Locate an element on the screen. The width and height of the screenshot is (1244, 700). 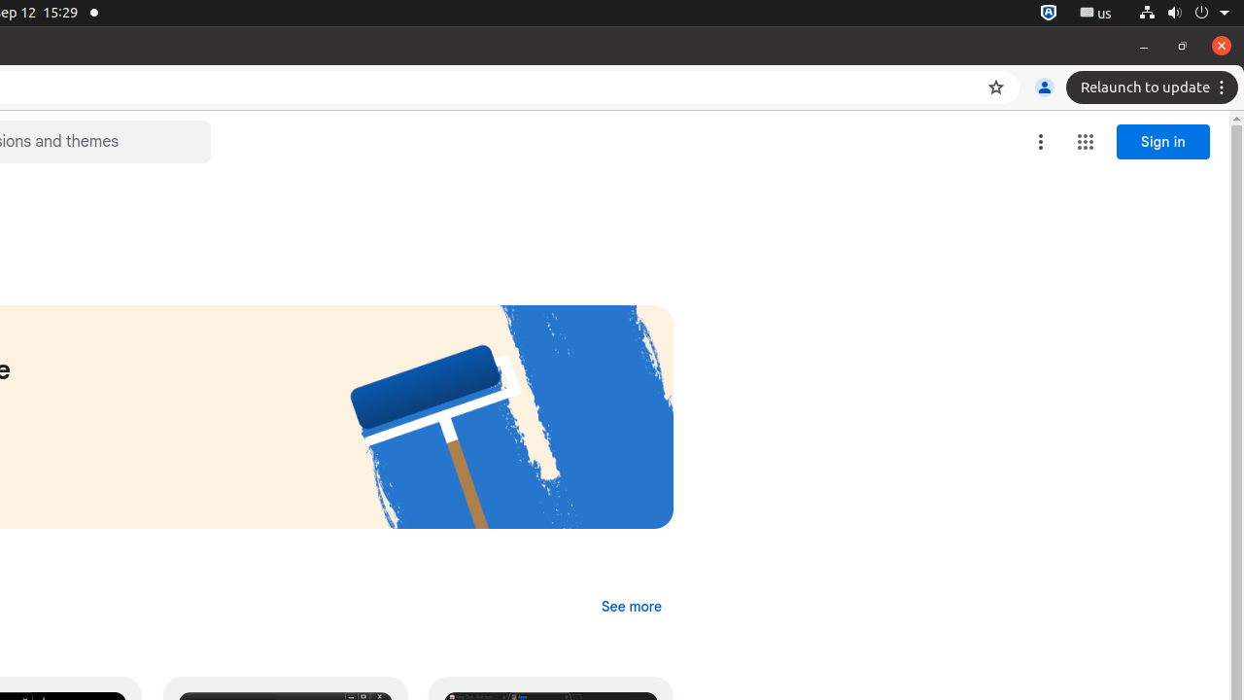
':1.21/StatusNotifierItem' is located at coordinates (1095, 13).